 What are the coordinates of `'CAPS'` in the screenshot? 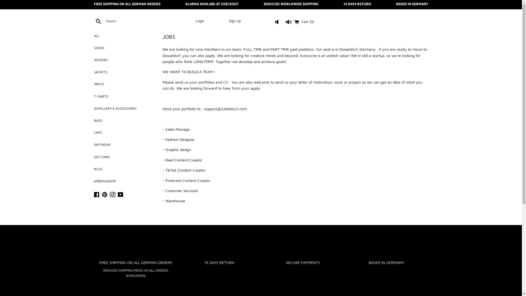 It's located at (123, 132).